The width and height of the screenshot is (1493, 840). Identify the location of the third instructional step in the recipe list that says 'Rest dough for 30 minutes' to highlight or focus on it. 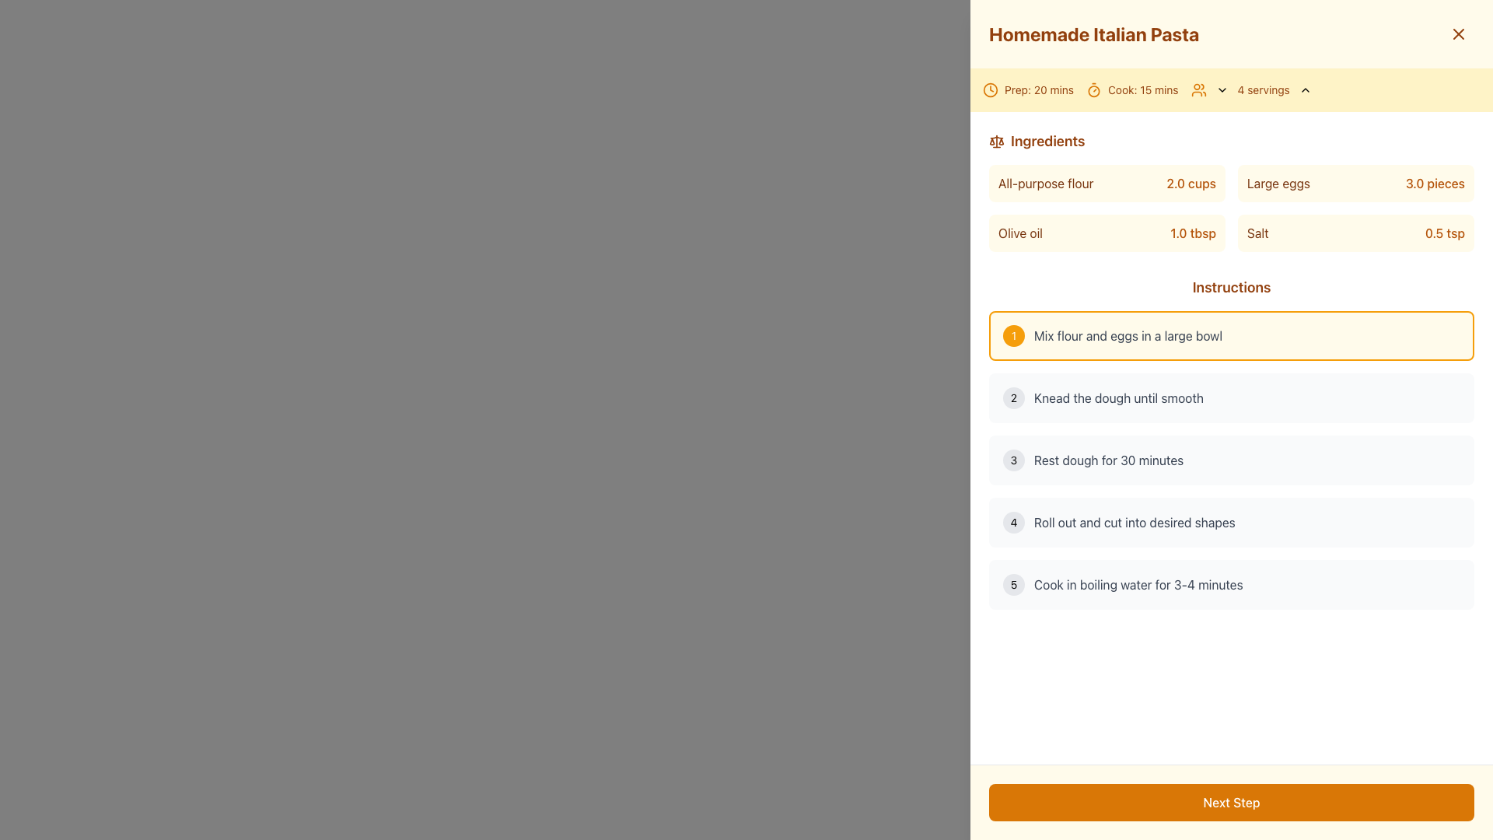
(1231, 459).